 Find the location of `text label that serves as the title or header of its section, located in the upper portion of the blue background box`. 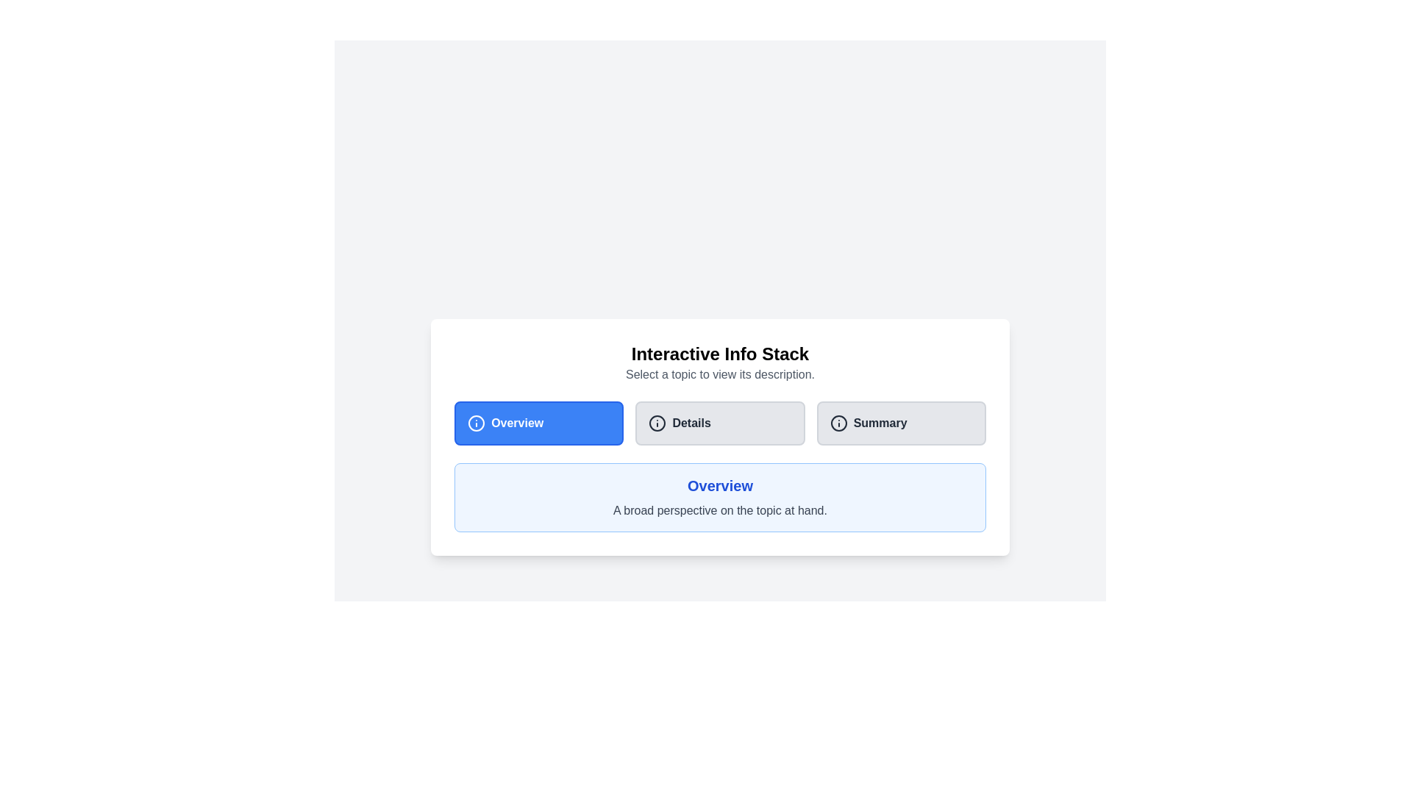

text label that serves as the title or header of its section, located in the upper portion of the blue background box is located at coordinates (720, 485).